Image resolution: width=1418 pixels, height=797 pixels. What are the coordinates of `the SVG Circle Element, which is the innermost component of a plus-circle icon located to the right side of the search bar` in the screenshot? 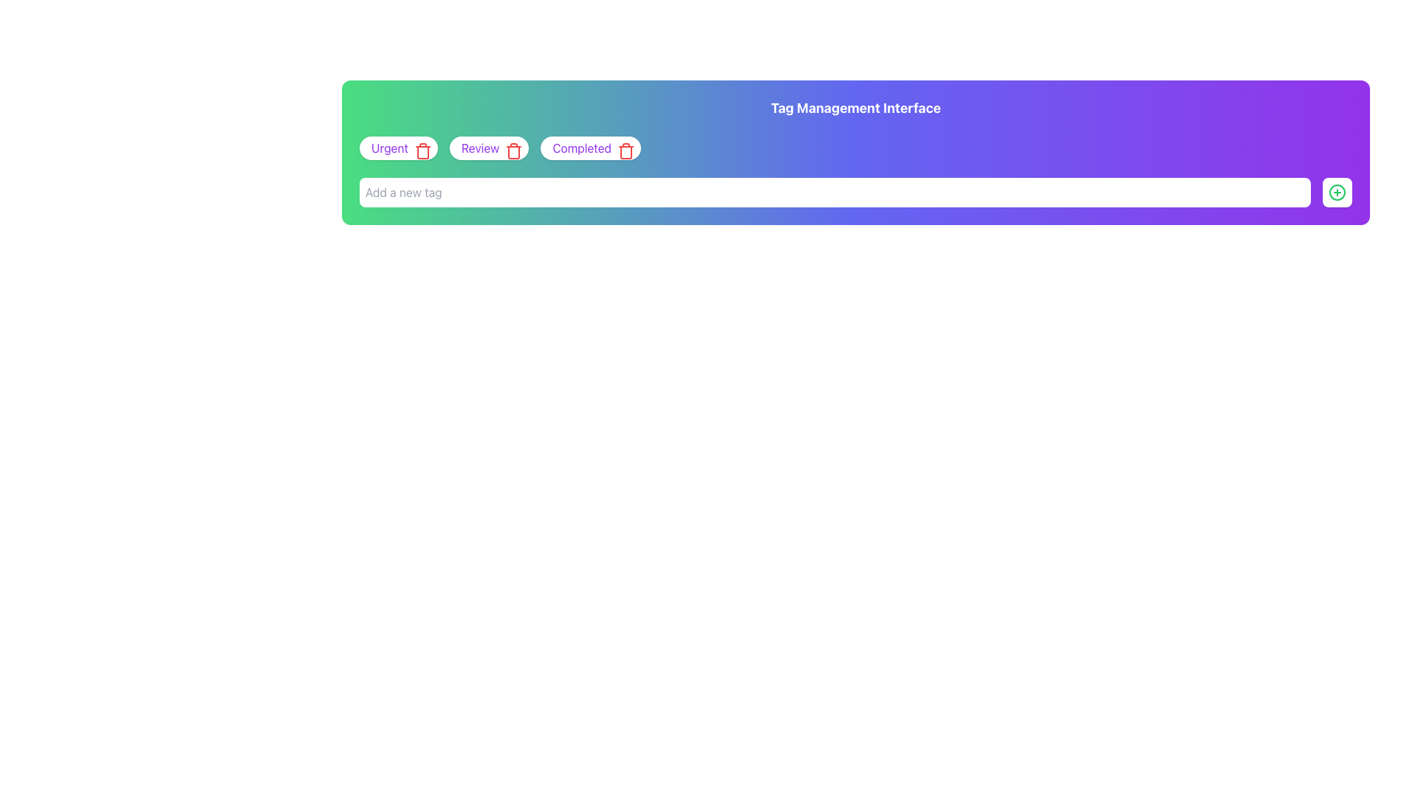 It's located at (1337, 192).